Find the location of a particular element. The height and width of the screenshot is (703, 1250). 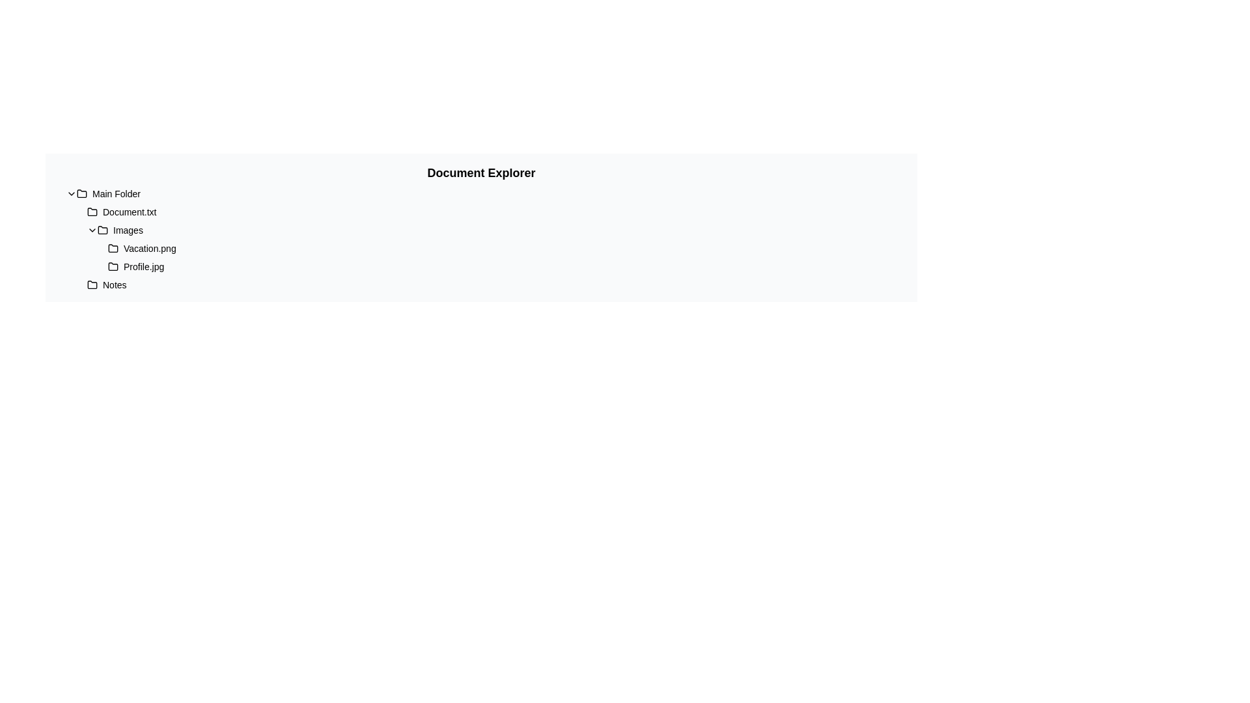

the icon-based toggle button is located at coordinates (92, 230).